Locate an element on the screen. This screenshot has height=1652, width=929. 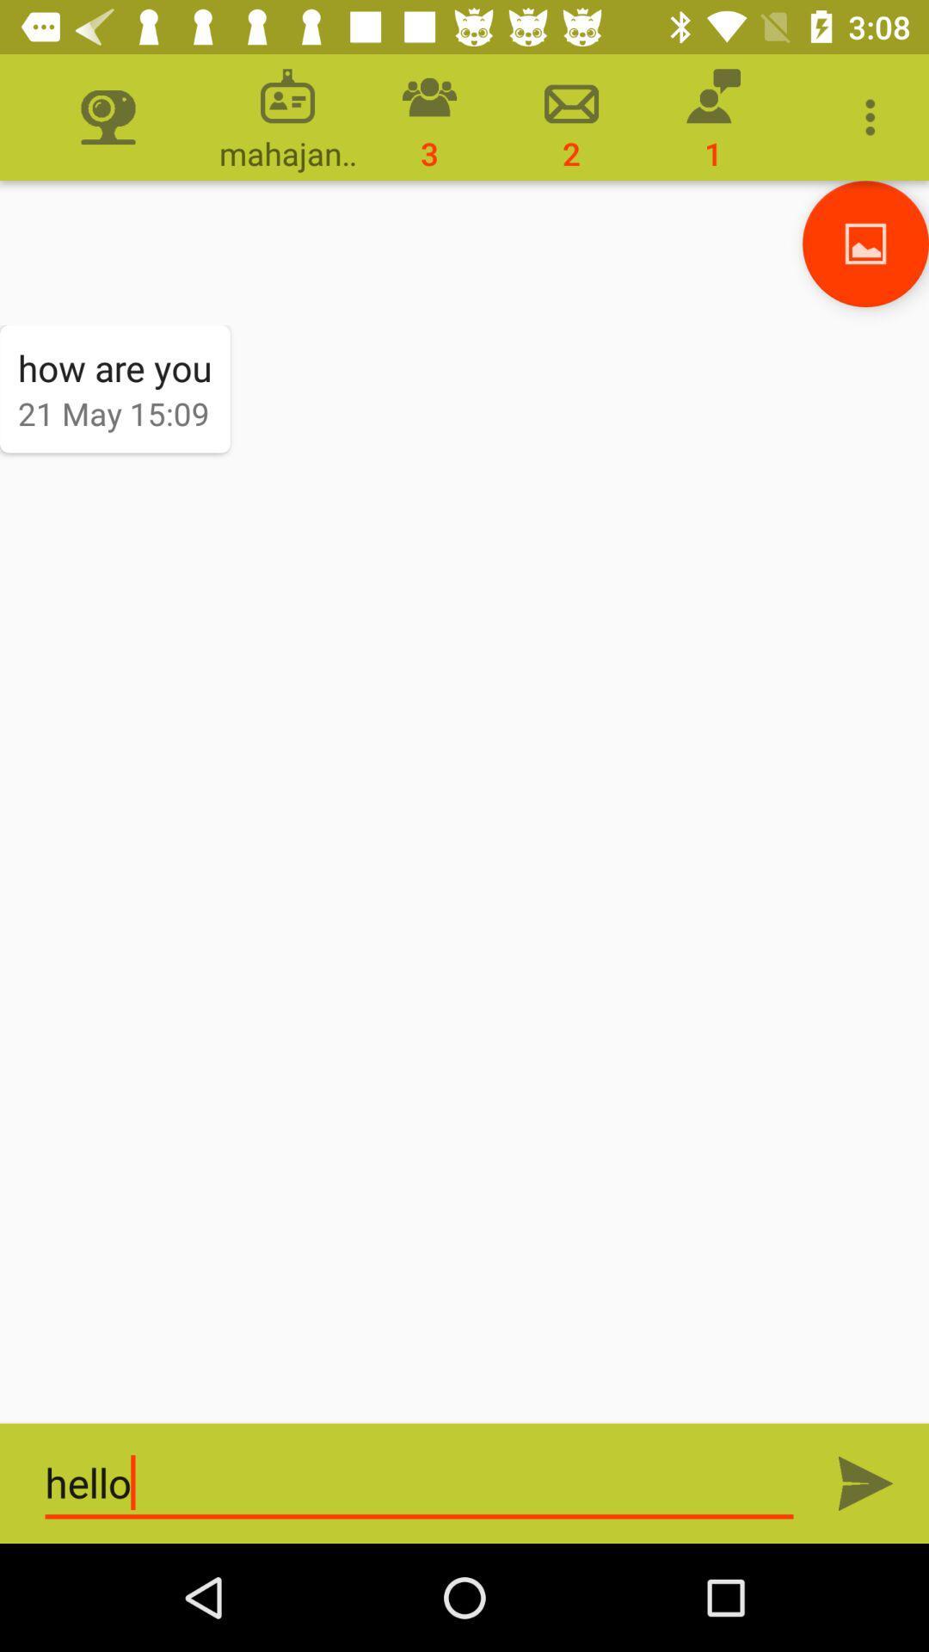
the more options icon is located at coordinates (875, 117).